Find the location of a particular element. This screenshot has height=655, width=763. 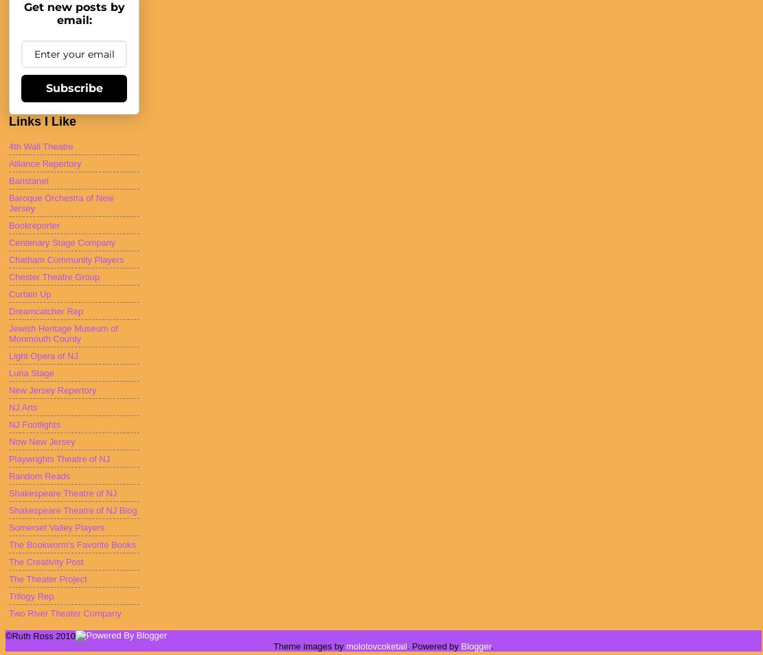

'Playwrights Theatre of NJ' is located at coordinates (58, 457).